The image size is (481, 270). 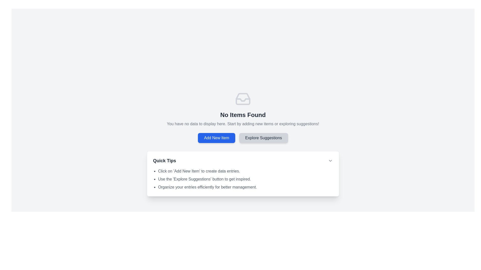 What do you see at coordinates (245, 179) in the screenshot?
I see `the static text that advises users to use the 'Explore Suggestions' button, which is the second item in the bullet-pointed list under the 'Quick Tips' header` at bounding box center [245, 179].